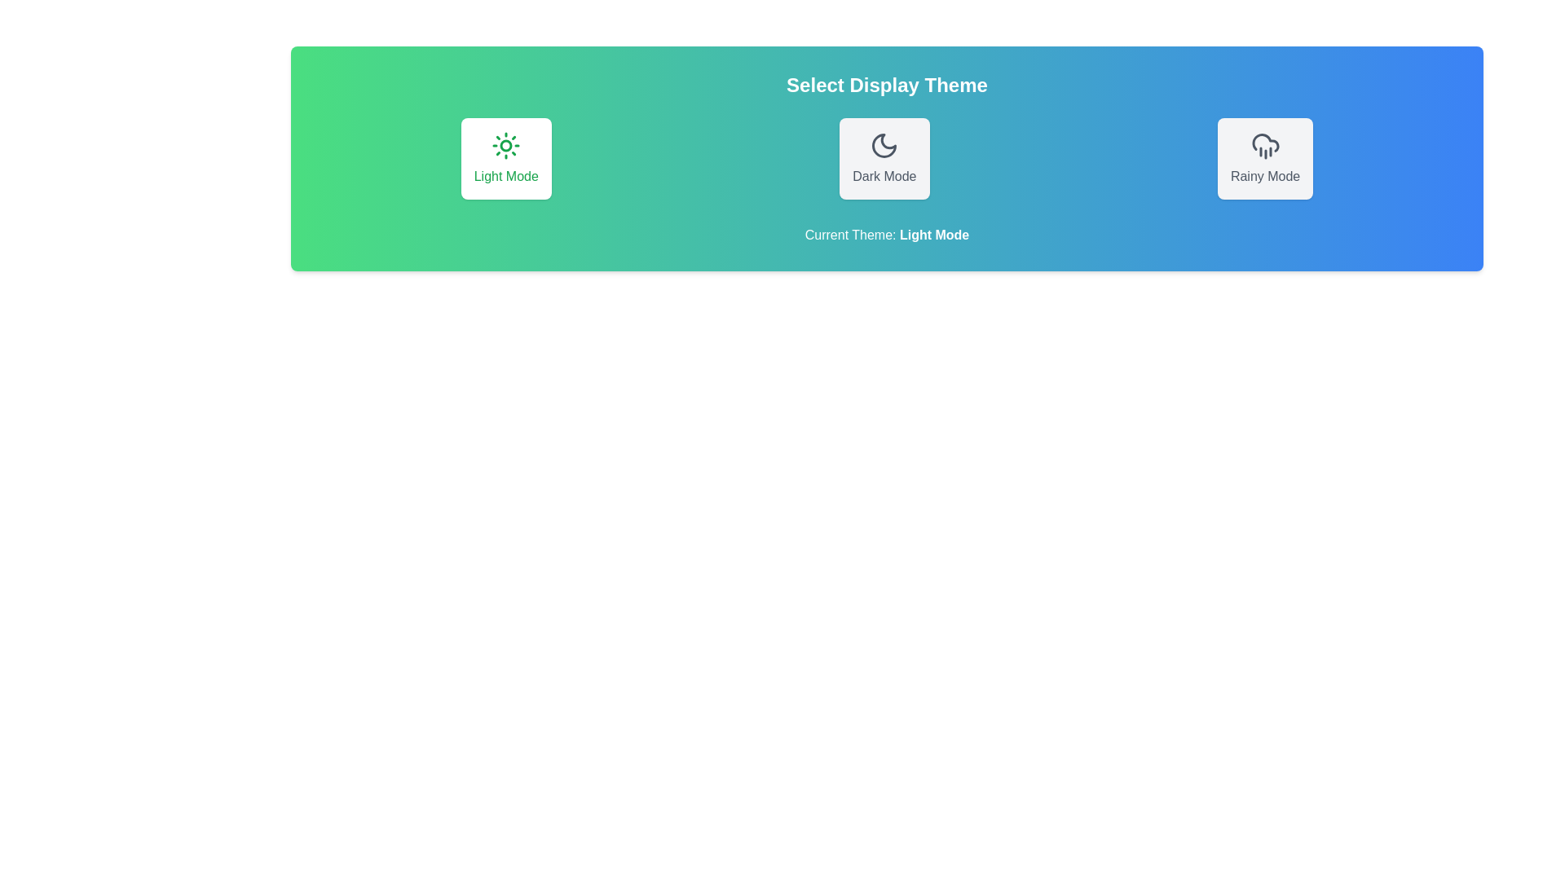 The image size is (1565, 880). I want to click on the button corresponding to the Dark Mode theme, so click(883, 159).